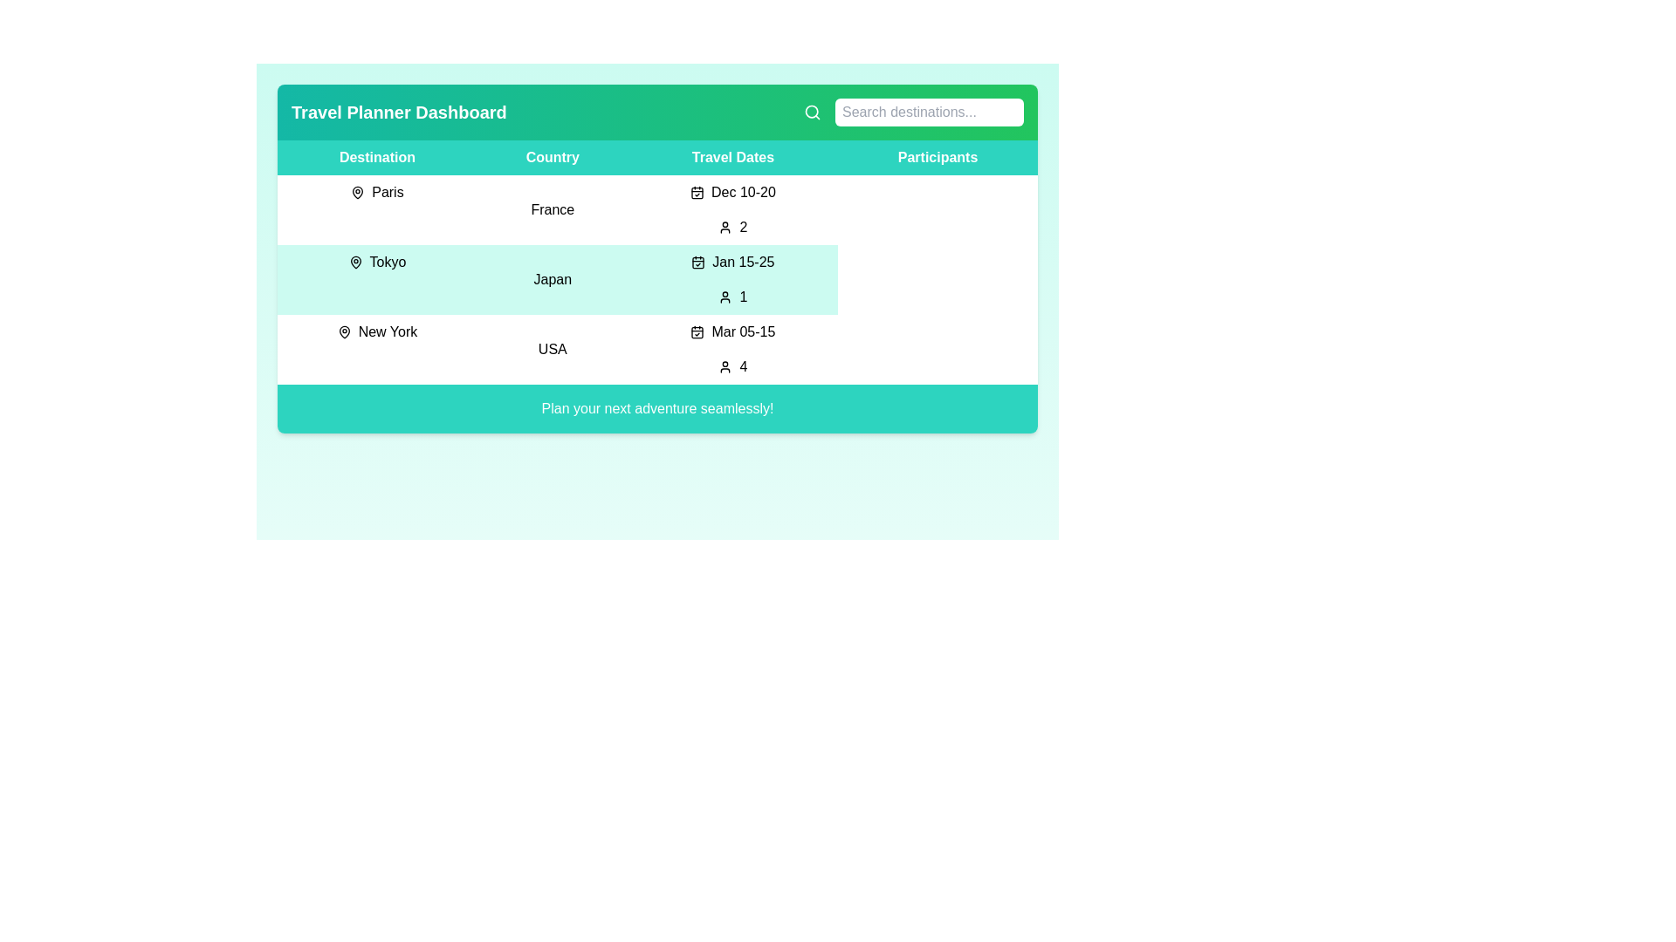 This screenshot has width=1676, height=942. Describe the element at coordinates (937, 158) in the screenshot. I see `the 'Participants' text label, which is the last element in the header row with a teal background and white text` at that location.